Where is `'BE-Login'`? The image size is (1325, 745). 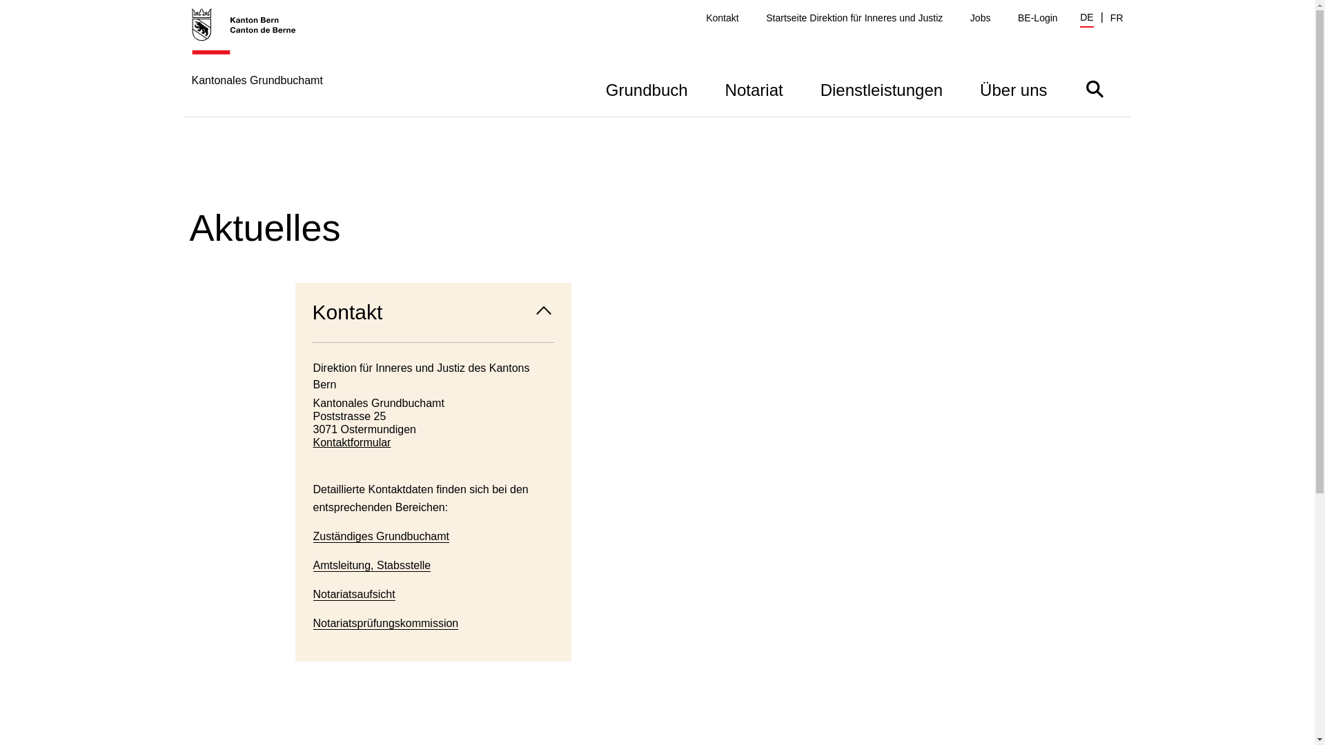 'BE-Login' is located at coordinates (1017, 18).